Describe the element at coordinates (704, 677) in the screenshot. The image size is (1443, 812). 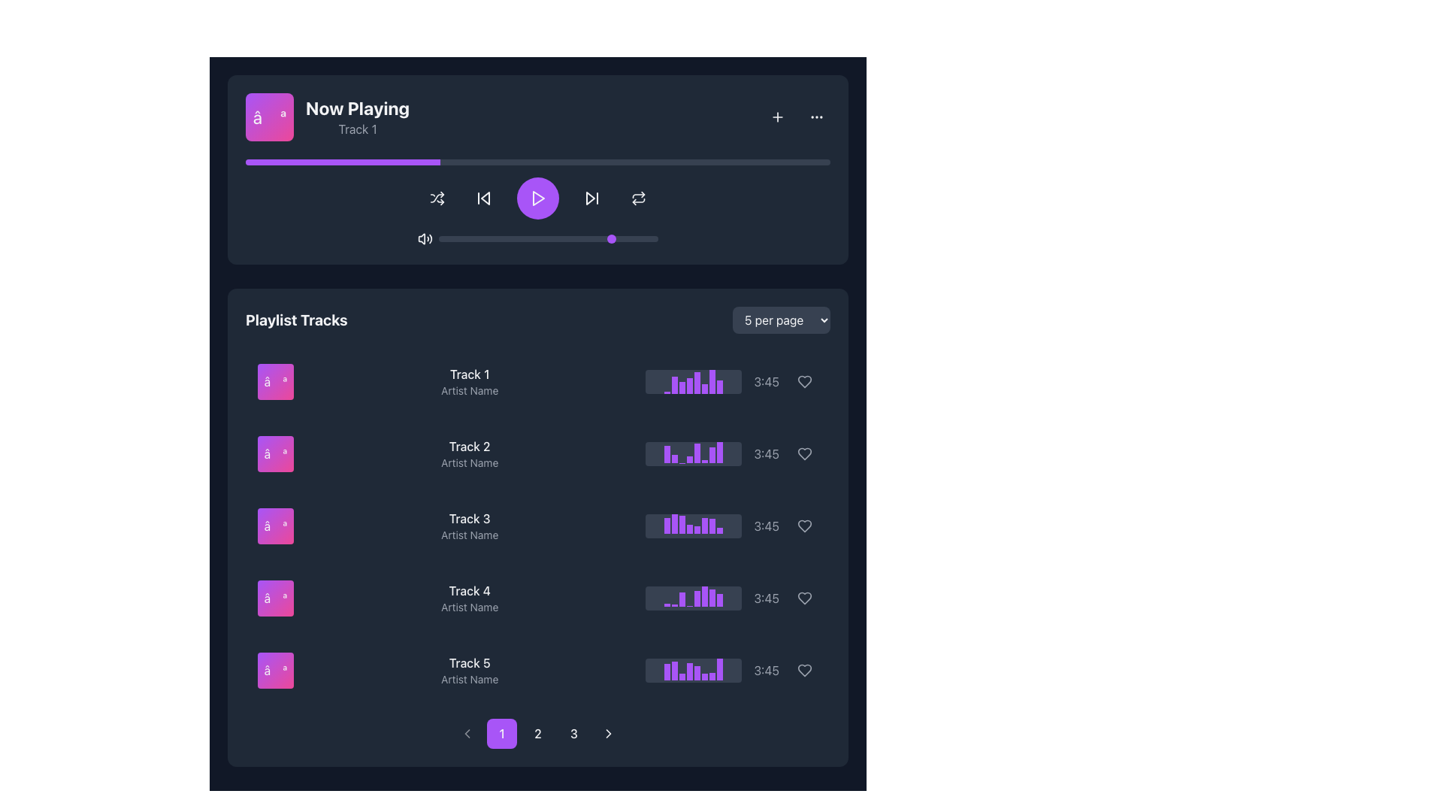
I see `the sixth purple histogram bar, which is part of a sequence of bars located in the lower right section of the interface` at that location.